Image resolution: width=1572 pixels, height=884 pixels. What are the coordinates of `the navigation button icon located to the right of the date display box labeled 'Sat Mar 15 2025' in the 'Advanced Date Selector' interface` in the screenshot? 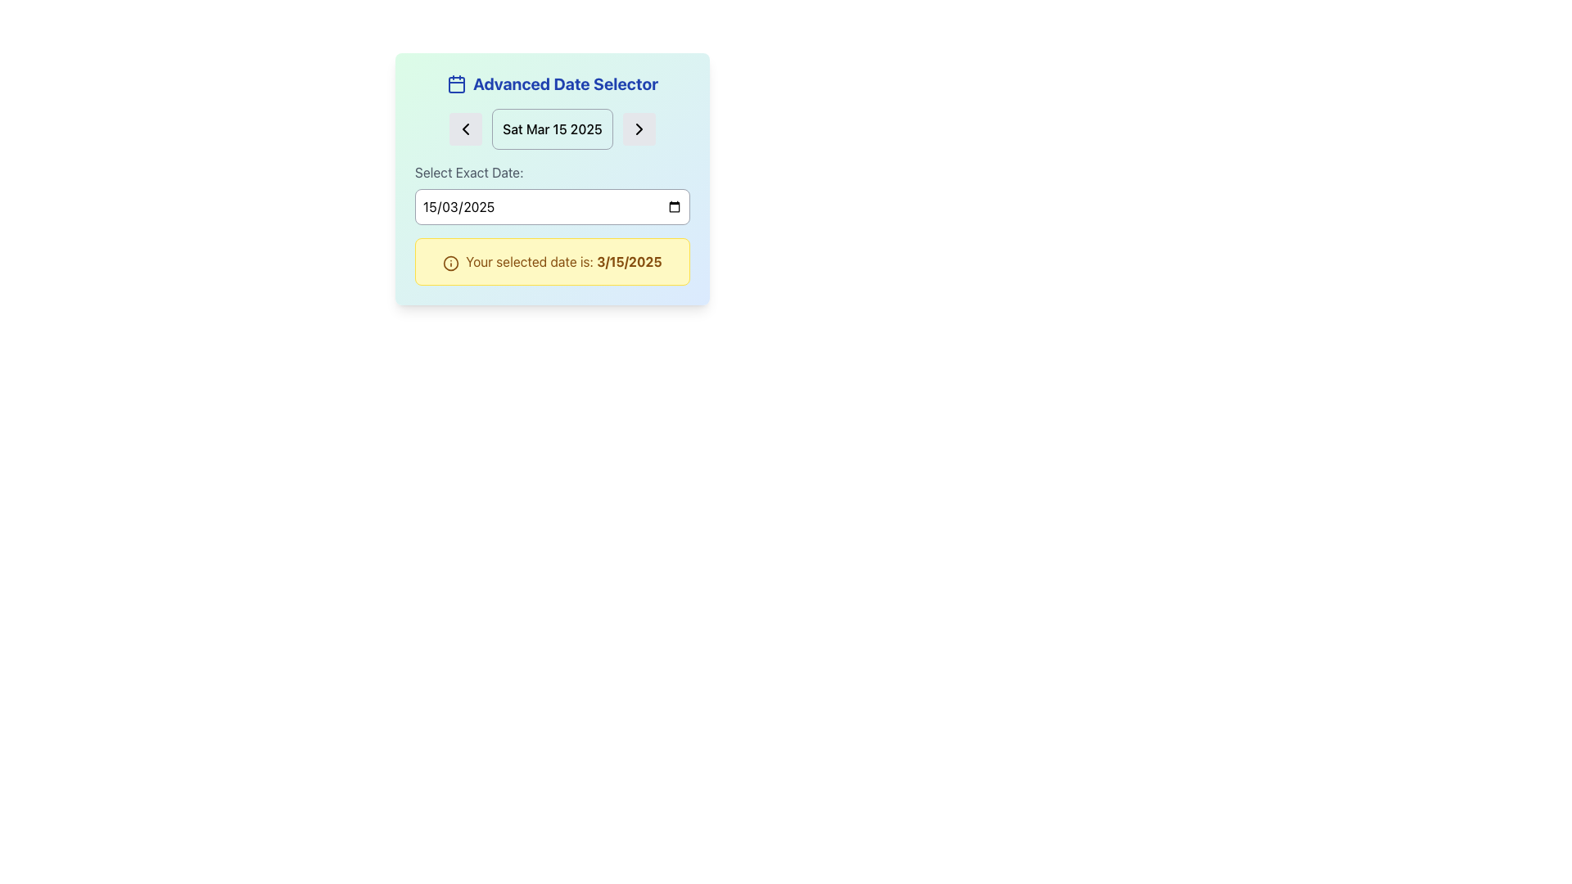 It's located at (638, 129).